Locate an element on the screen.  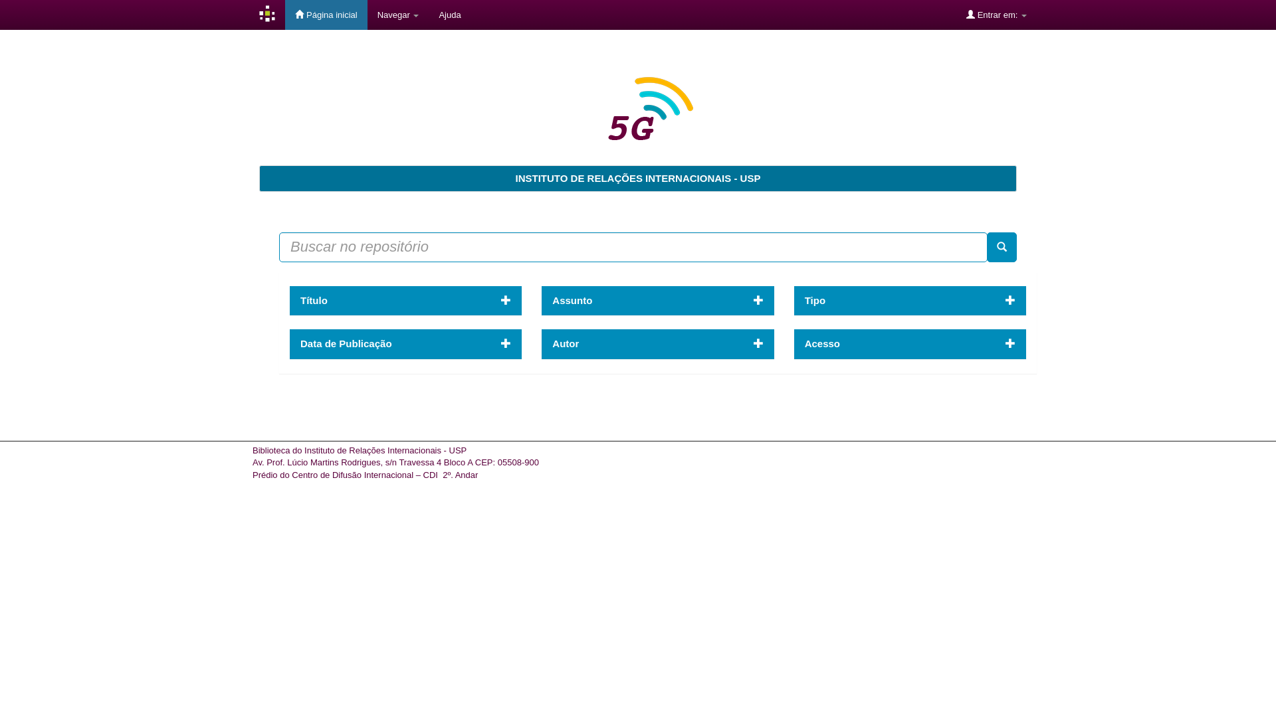
'Entrar em:' is located at coordinates (996, 15).